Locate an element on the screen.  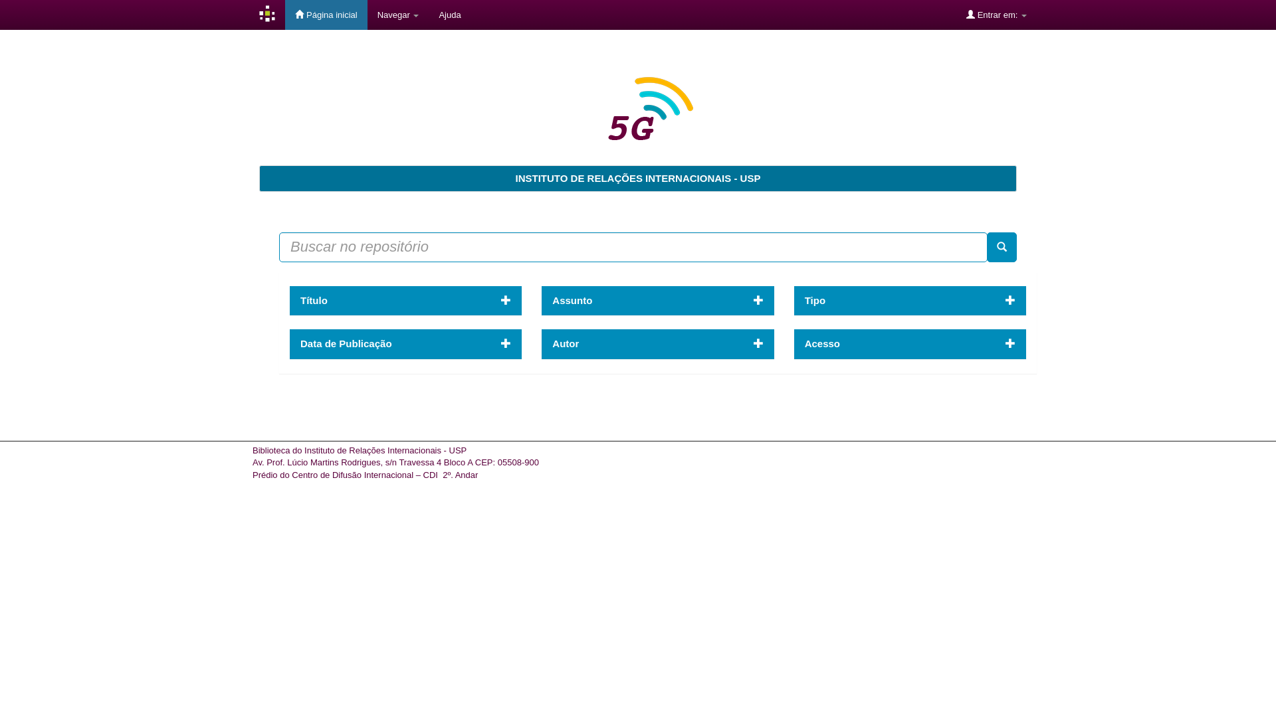
'Entrar em:' is located at coordinates (996, 15).